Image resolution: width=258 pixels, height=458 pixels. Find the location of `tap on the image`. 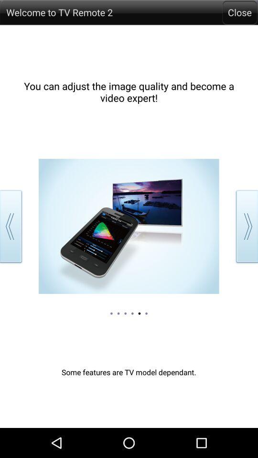

tap on the image is located at coordinates (129, 226).